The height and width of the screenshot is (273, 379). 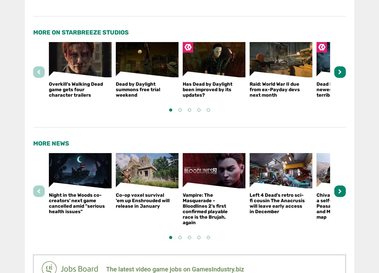 What do you see at coordinates (51, 143) in the screenshot?
I see `'More News'` at bounding box center [51, 143].